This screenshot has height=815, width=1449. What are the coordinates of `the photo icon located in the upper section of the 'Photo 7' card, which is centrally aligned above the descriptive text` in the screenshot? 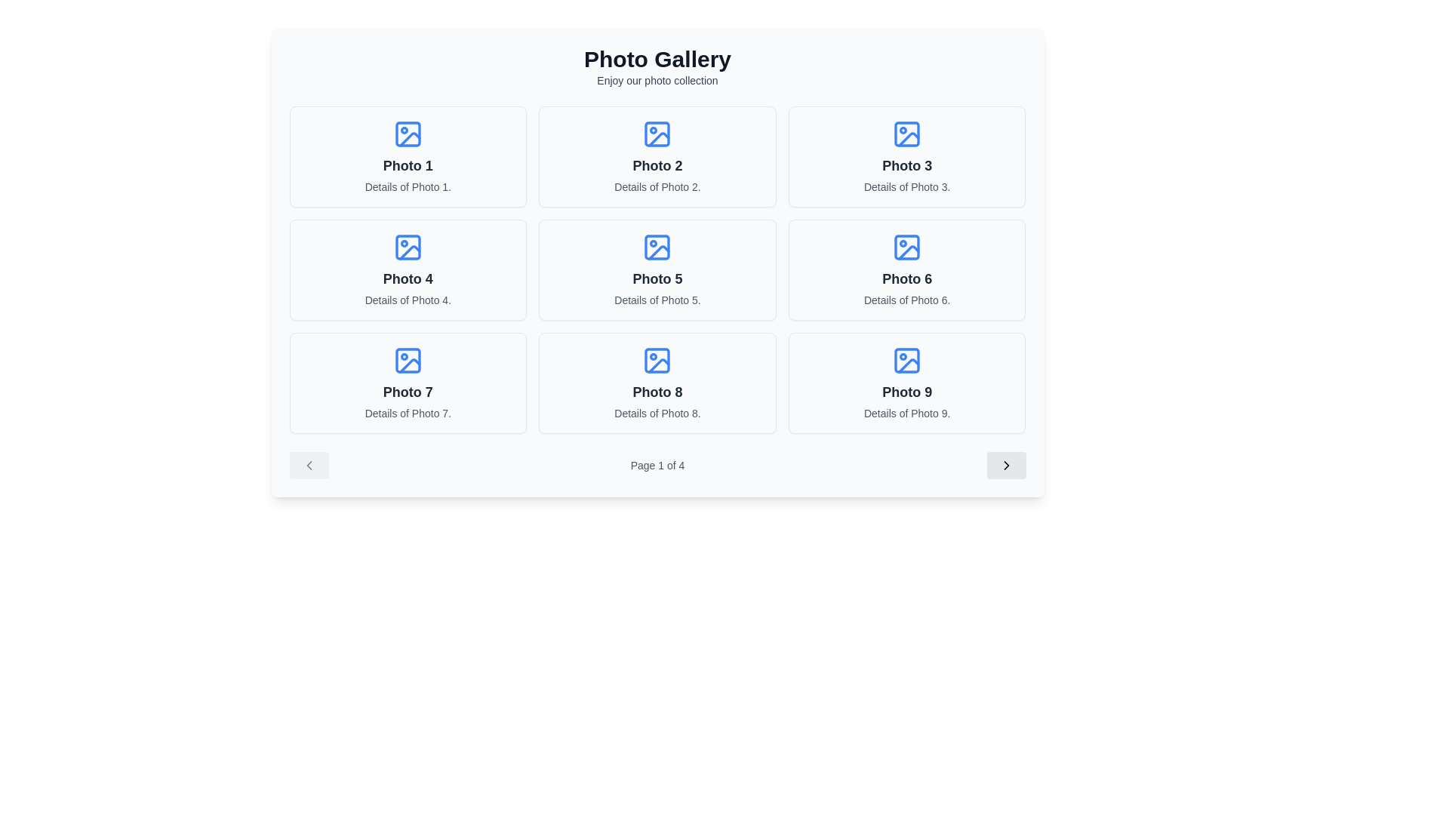 It's located at (408, 361).